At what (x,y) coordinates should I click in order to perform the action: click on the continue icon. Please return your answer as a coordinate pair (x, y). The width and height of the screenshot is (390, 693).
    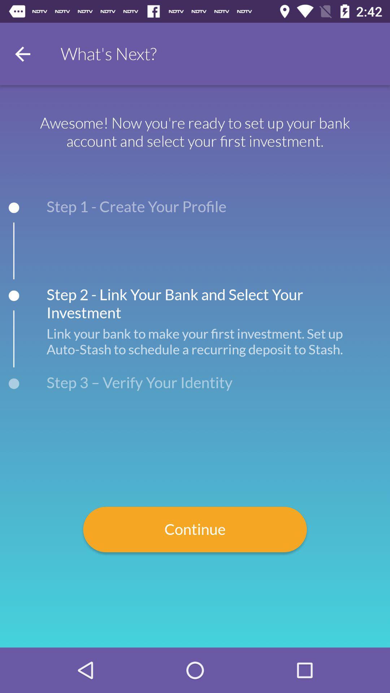
    Looking at the image, I should click on (195, 529).